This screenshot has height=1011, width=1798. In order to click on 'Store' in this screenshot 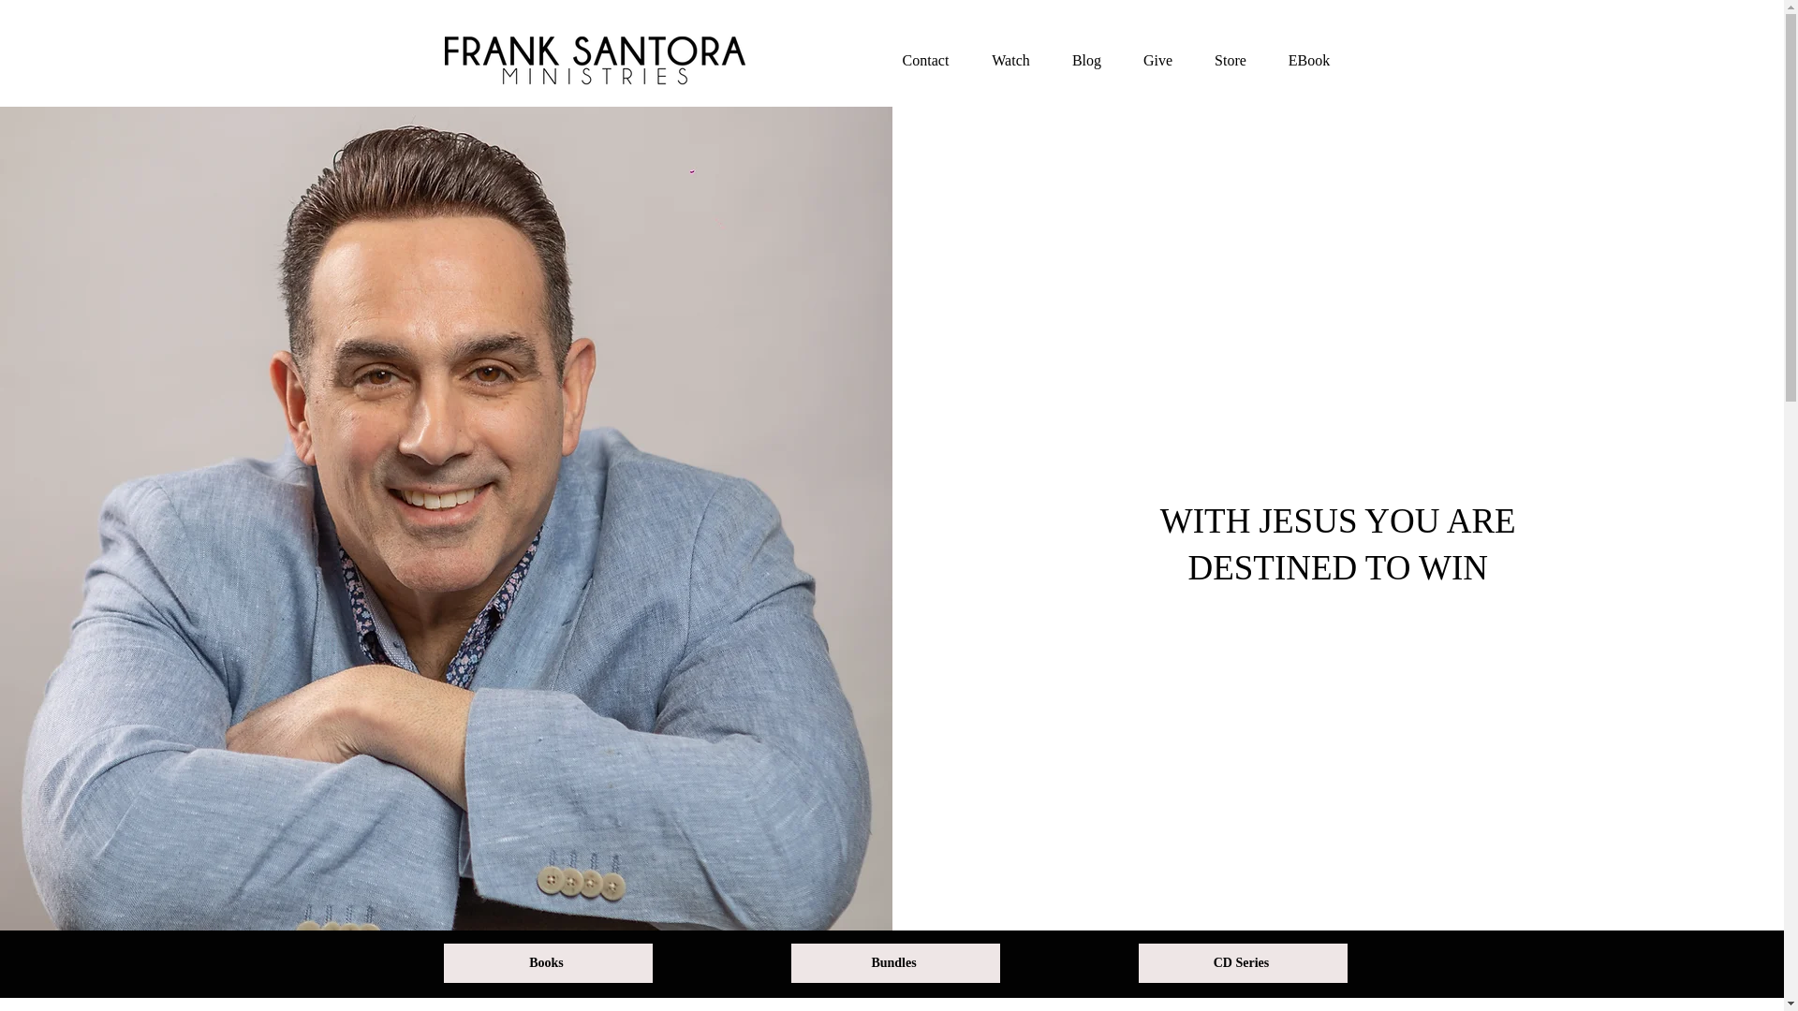, I will do `click(1230, 60)`.